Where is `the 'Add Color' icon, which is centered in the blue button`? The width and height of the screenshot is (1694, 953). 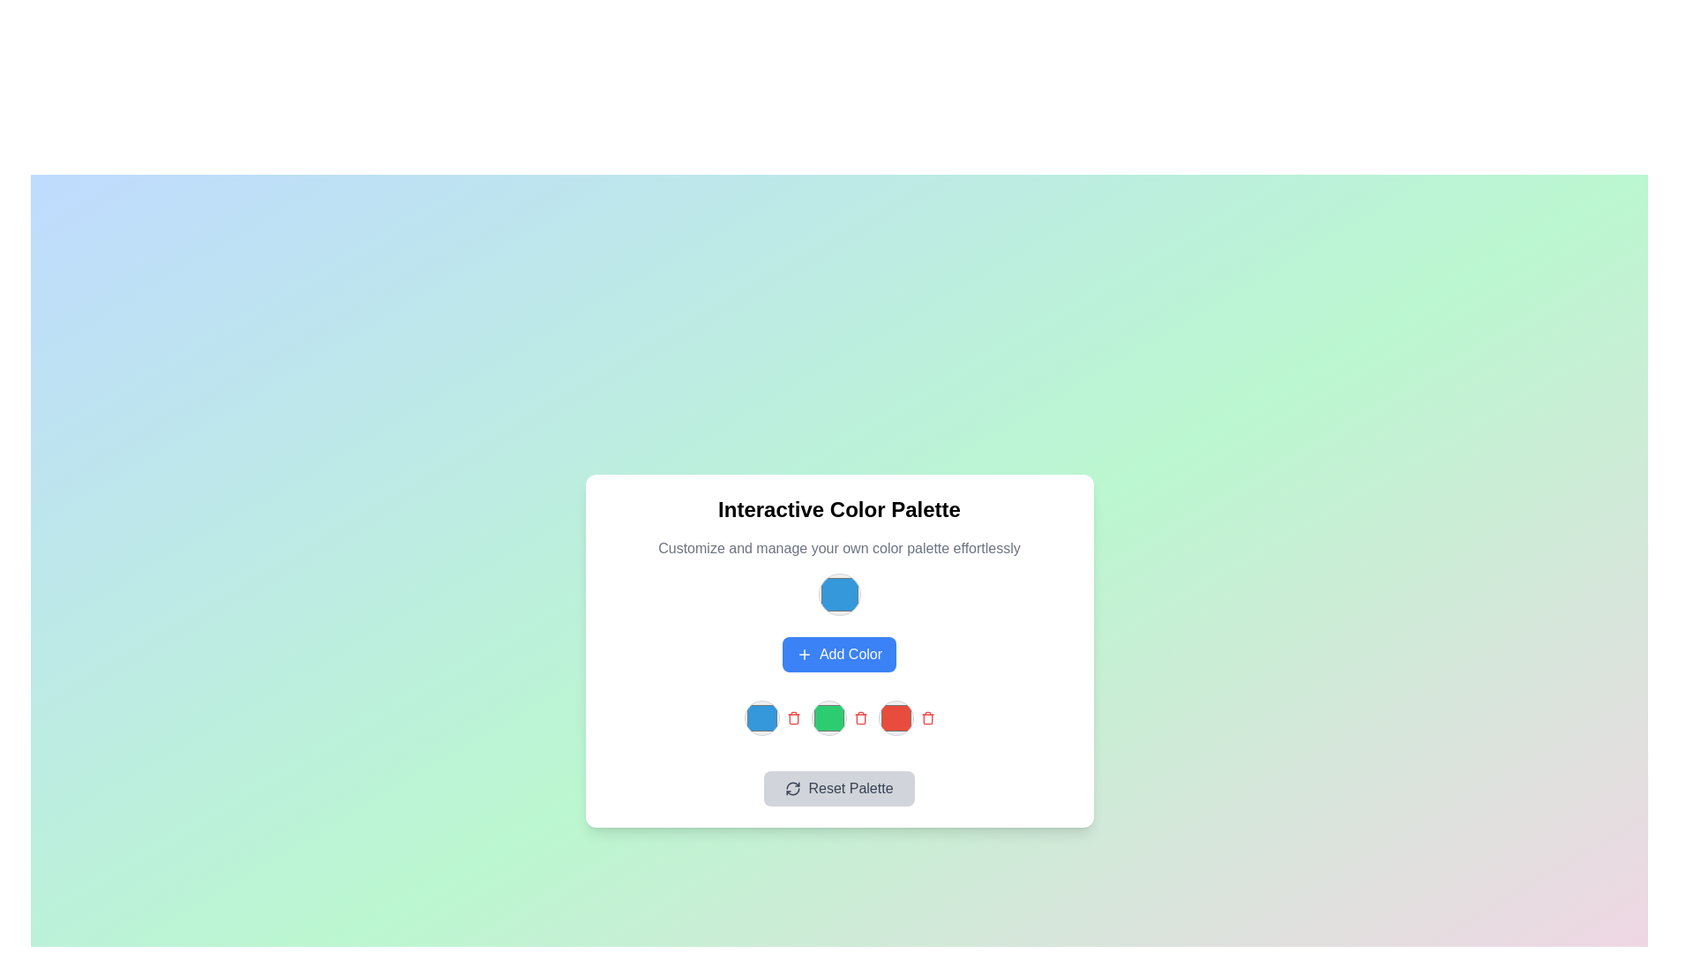 the 'Add Color' icon, which is centered in the blue button is located at coordinates (804, 654).